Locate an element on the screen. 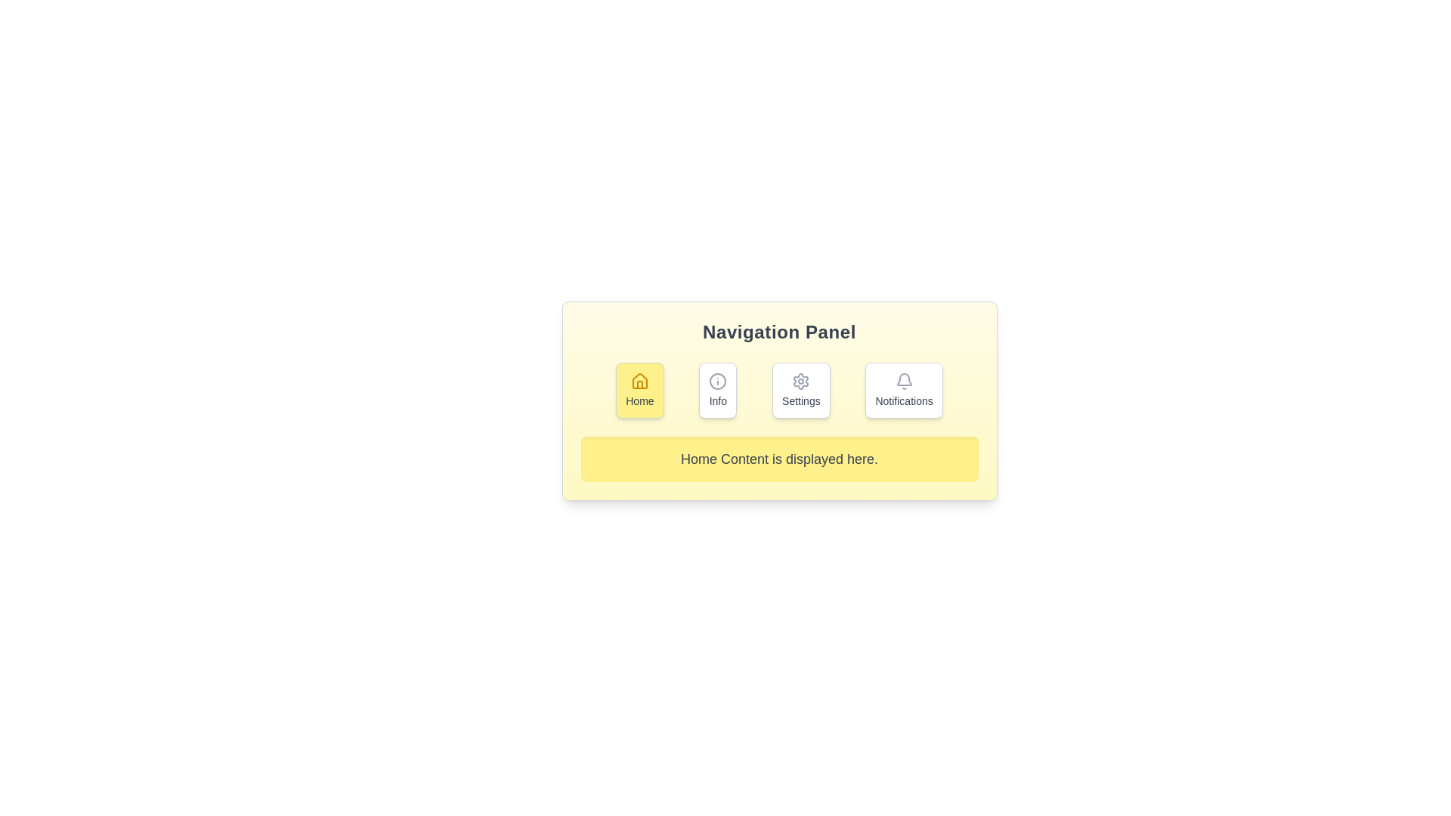 Image resolution: width=1451 pixels, height=816 pixels. the 'Home' text label, which is displayed in gray, styled with a clean sans-serif font, located below a house-shaped icon inside a yellow card with rounded corners is located at coordinates (639, 400).